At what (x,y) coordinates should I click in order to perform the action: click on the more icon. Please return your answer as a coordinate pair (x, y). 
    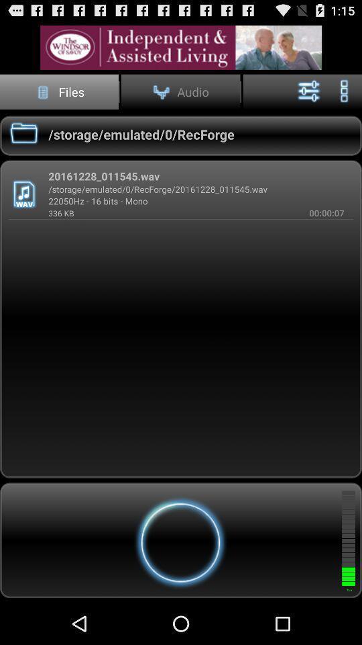
    Looking at the image, I should click on (344, 97).